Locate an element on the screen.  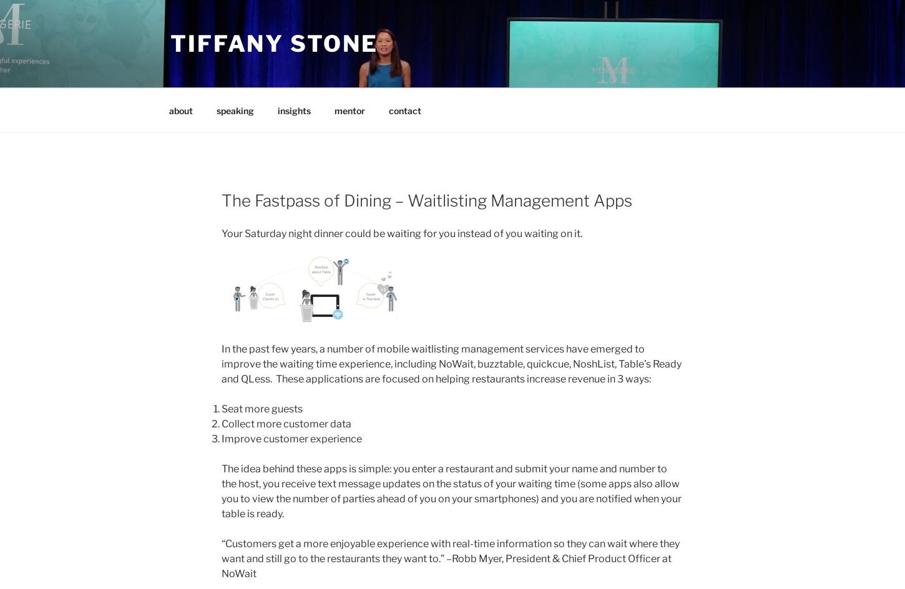
'Improve customer experience' is located at coordinates (291, 437).